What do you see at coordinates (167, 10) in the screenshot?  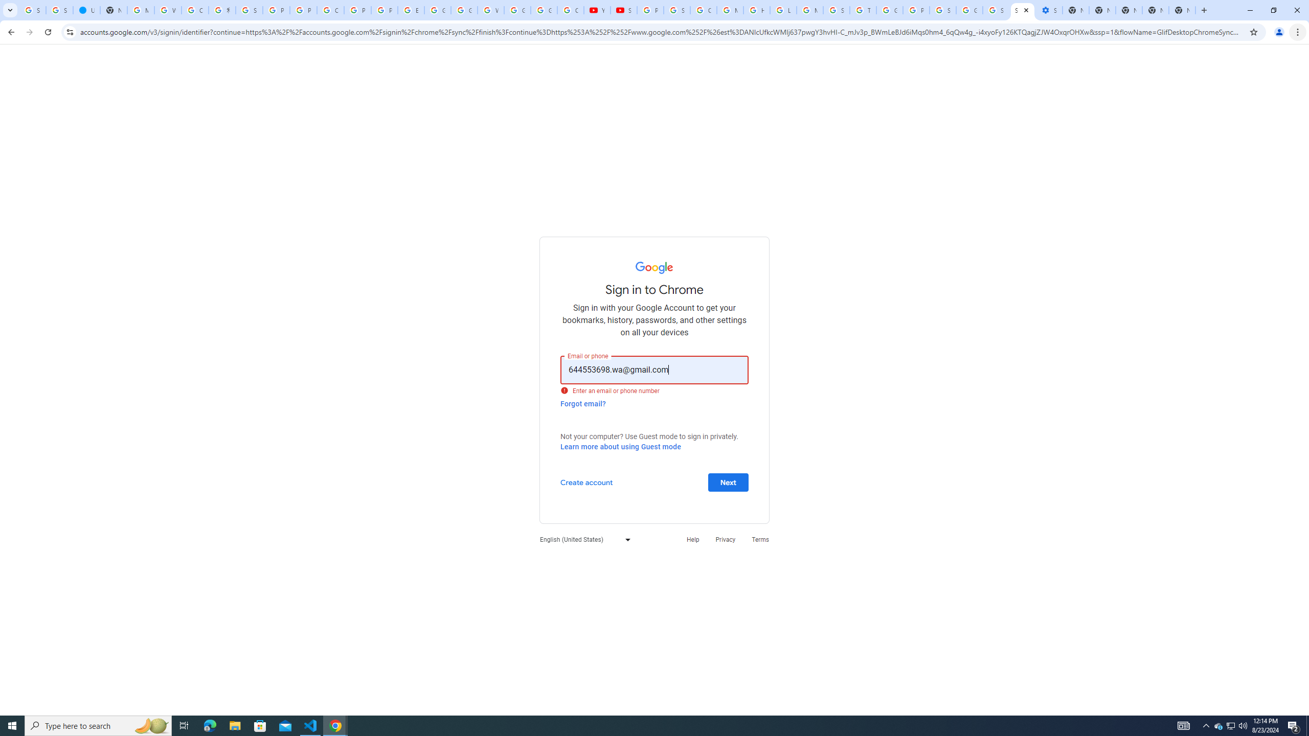 I see `'Who is my administrator? - Google Account Help'` at bounding box center [167, 10].